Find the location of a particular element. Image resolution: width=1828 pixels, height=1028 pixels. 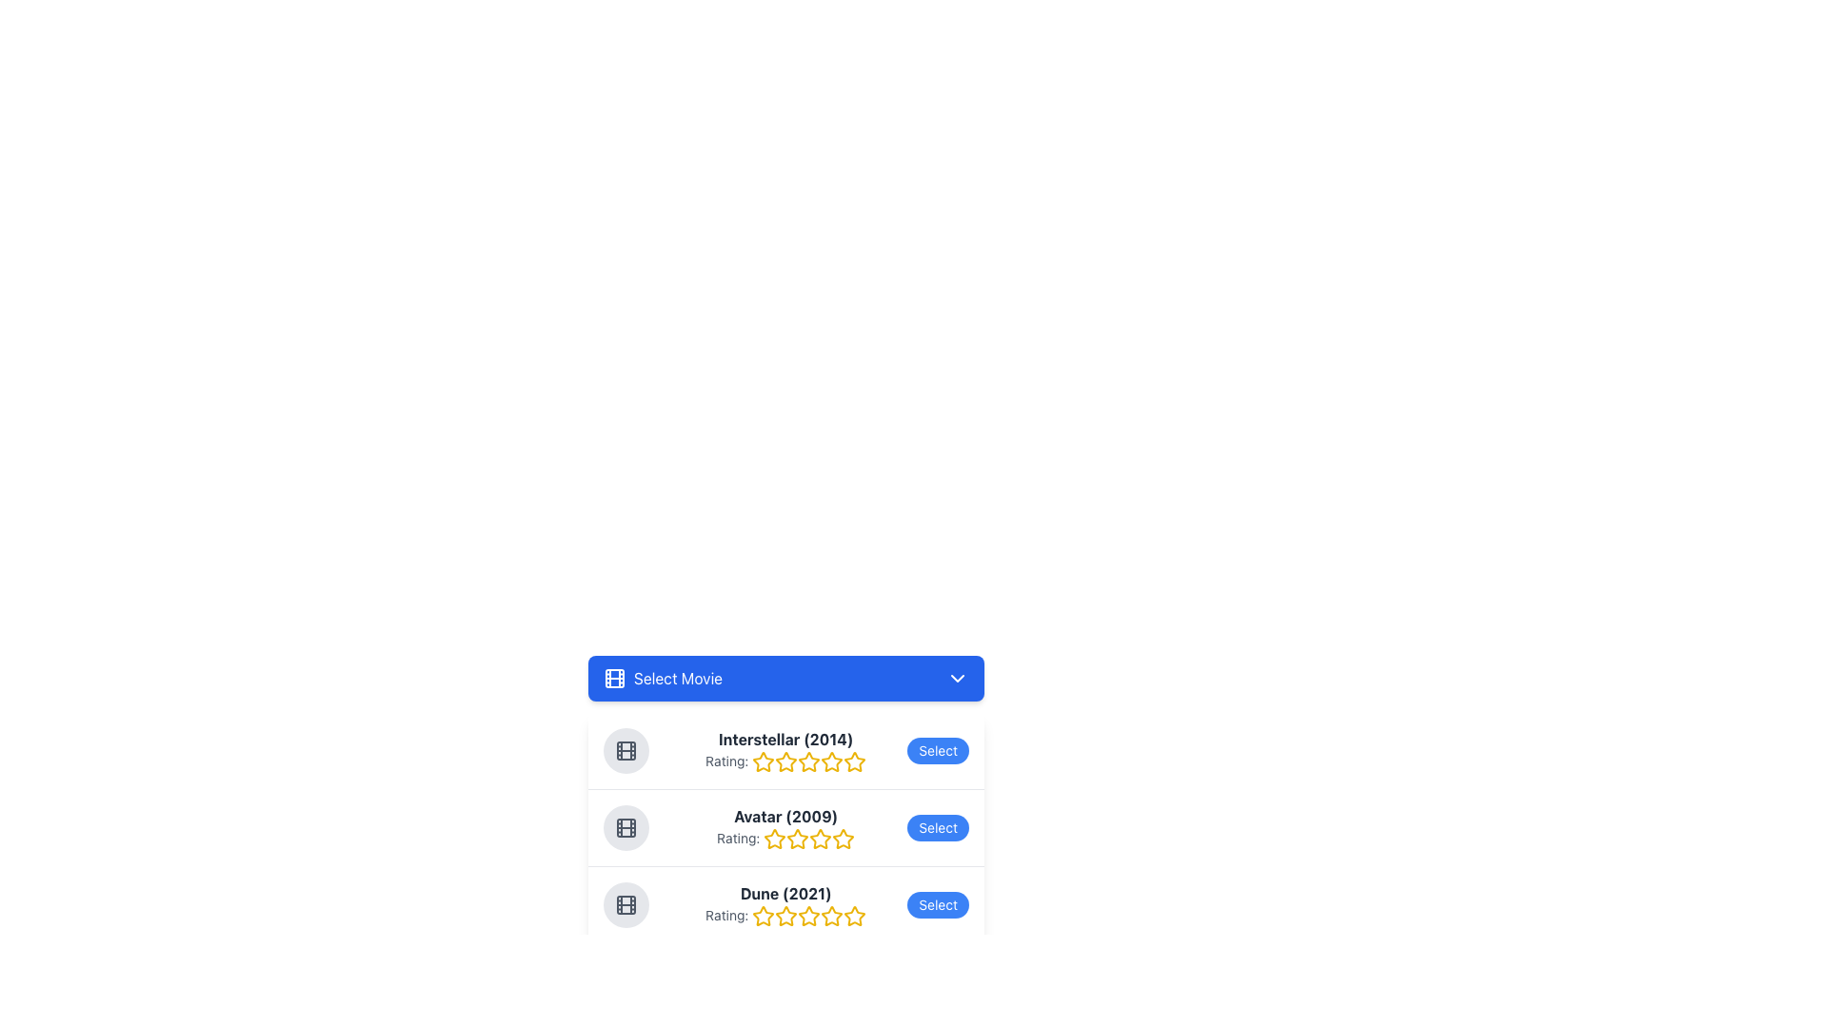

the fifth rating star icon with a yellow border and hollow center in the 'Rating' section for the movie 'Dune (2021)' is located at coordinates (832, 915).